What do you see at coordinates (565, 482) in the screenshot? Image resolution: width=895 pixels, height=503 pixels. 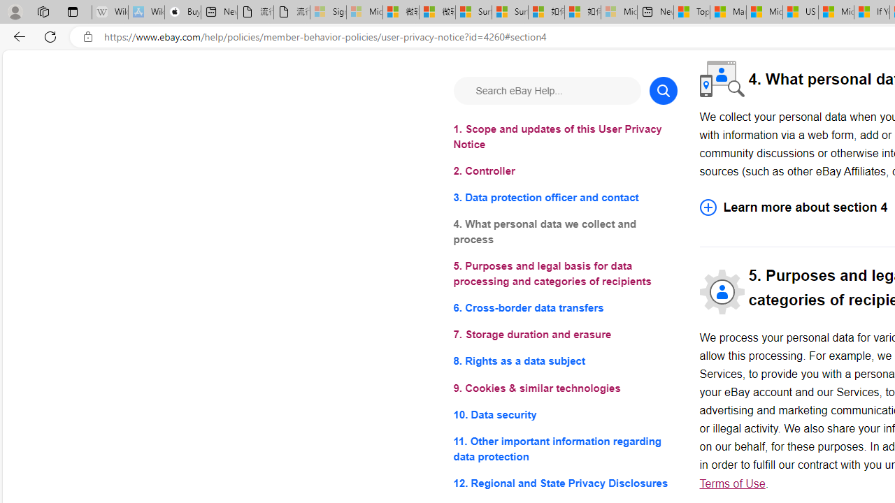 I see `'12. Regional and State Privacy Disclosures'` at bounding box center [565, 482].